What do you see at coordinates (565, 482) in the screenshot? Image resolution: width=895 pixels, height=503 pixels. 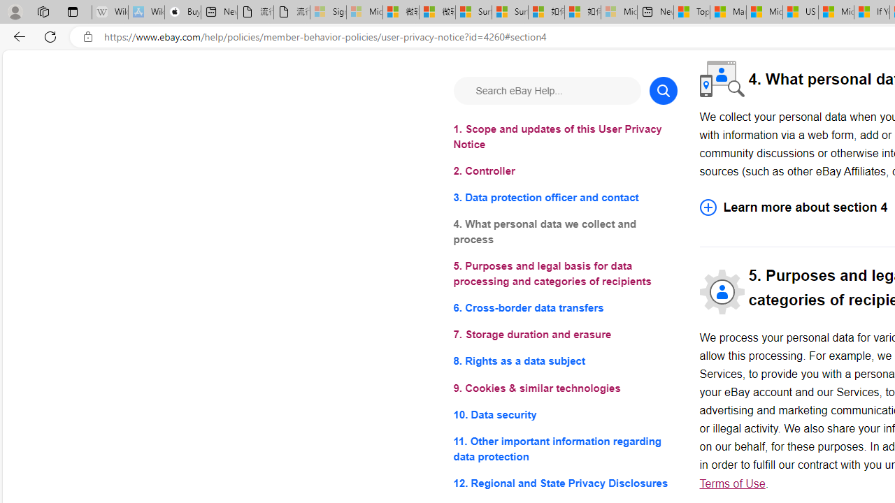 I see `'12. Regional and State Privacy Disclosures'` at bounding box center [565, 482].